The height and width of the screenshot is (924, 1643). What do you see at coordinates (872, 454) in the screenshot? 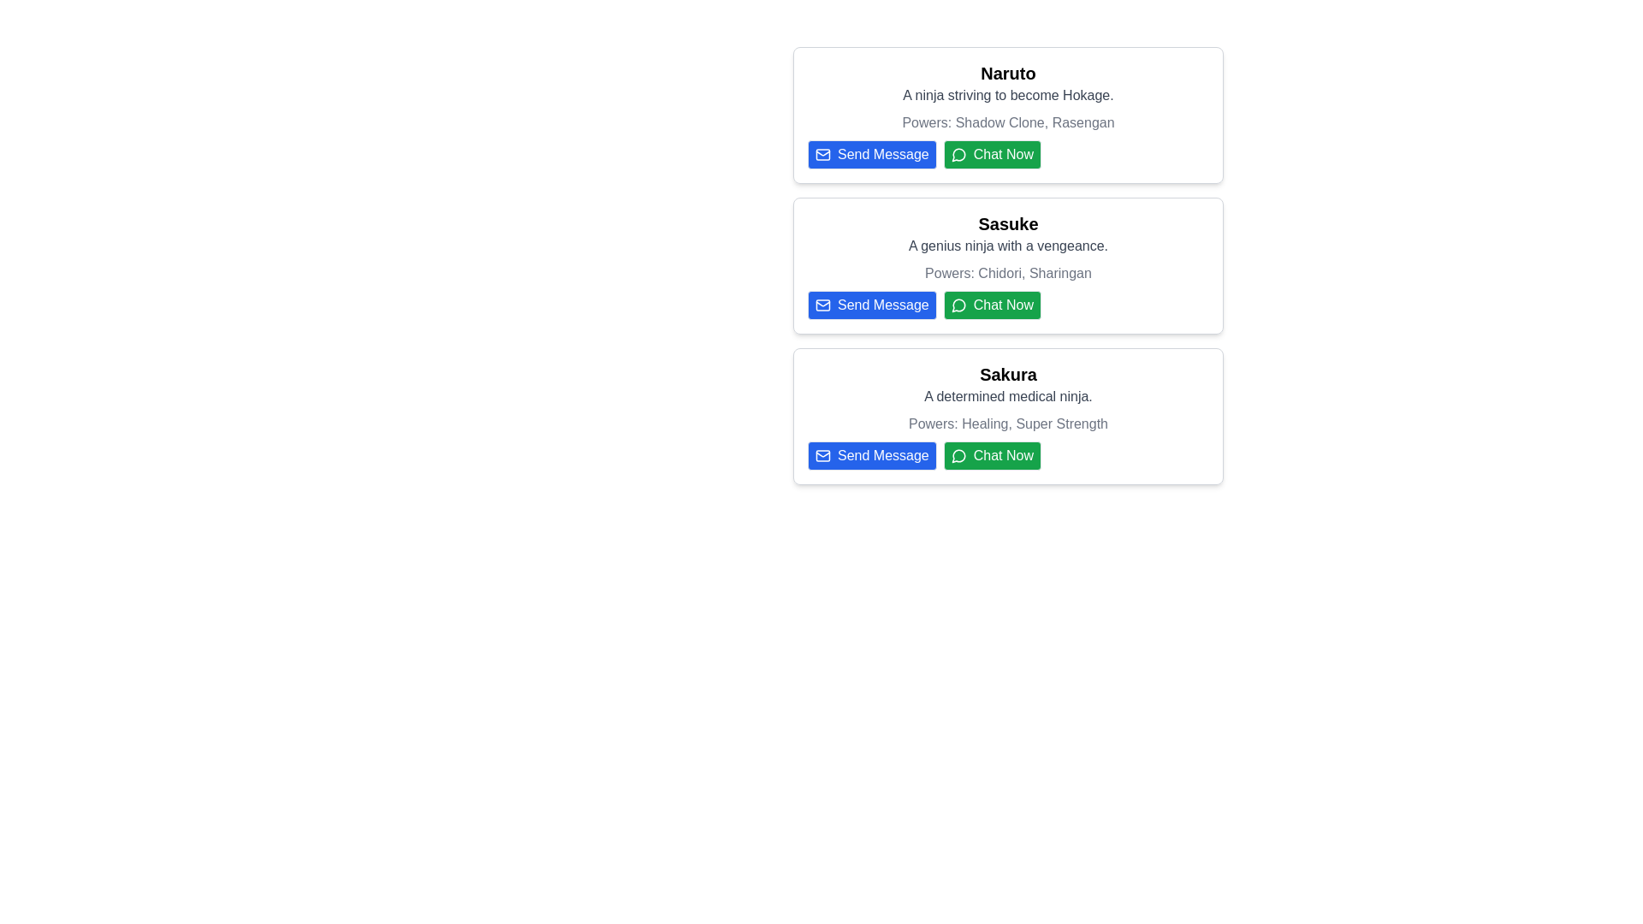
I see `the first button under the profile section of 'Sakura'` at bounding box center [872, 454].